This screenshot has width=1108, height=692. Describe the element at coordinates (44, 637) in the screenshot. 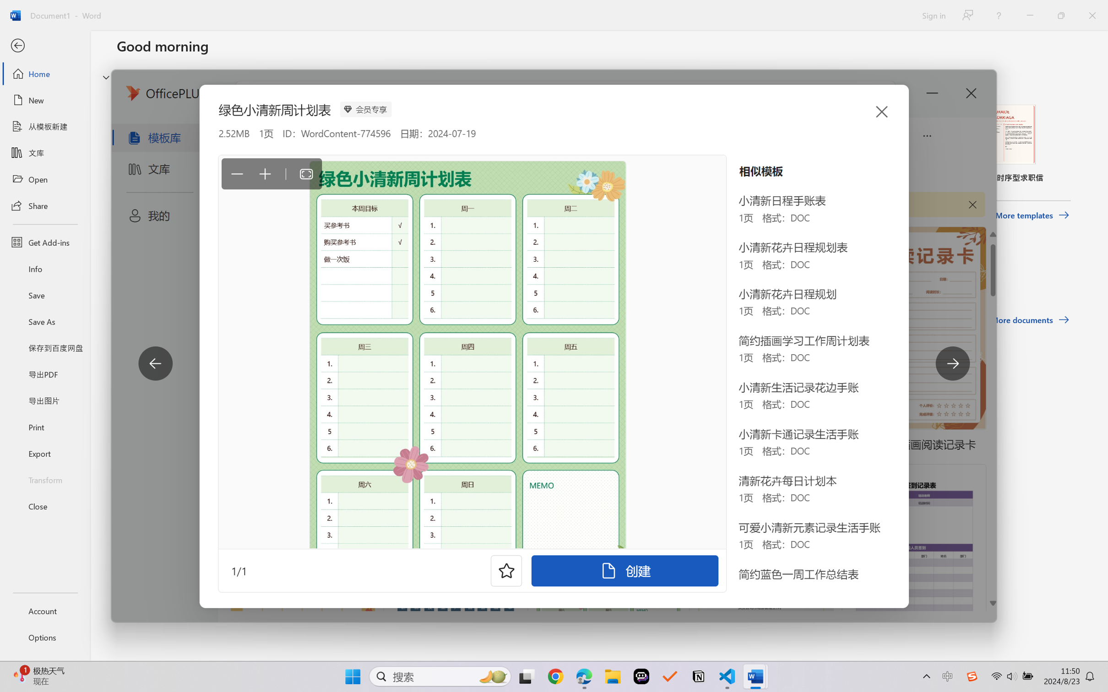

I see `'Options'` at that location.